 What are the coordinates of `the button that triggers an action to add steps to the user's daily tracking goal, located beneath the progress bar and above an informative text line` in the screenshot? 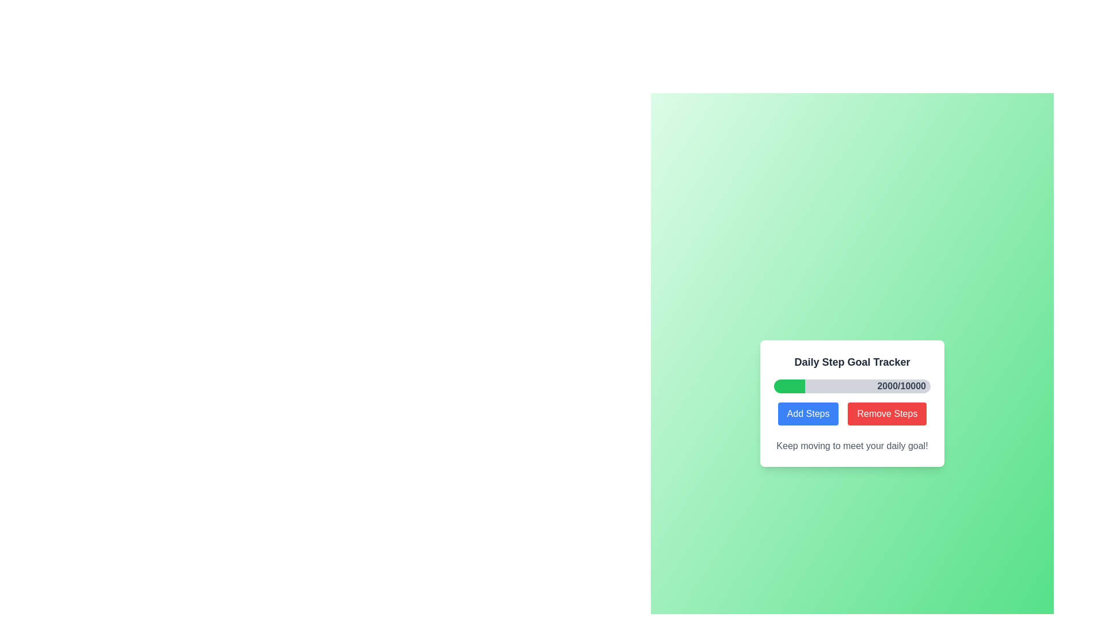 It's located at (807, 414).